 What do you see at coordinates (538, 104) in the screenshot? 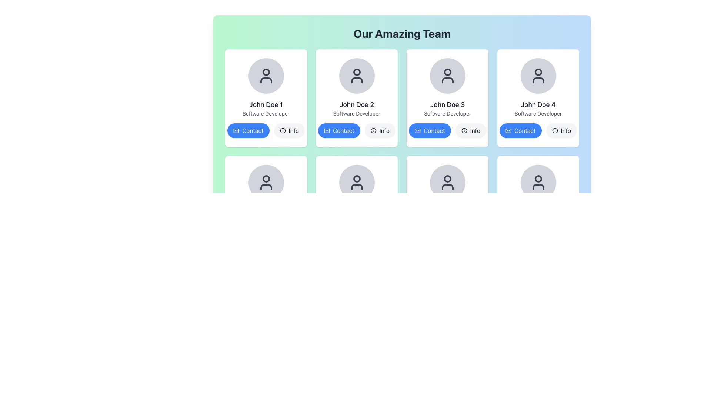
I see `the label text 'John Doe 4' which is the title in the fourth profile card, positioned above the secondary description 'Software Developer' and between the avatar icon and the description` at bounding box center [538, 104].